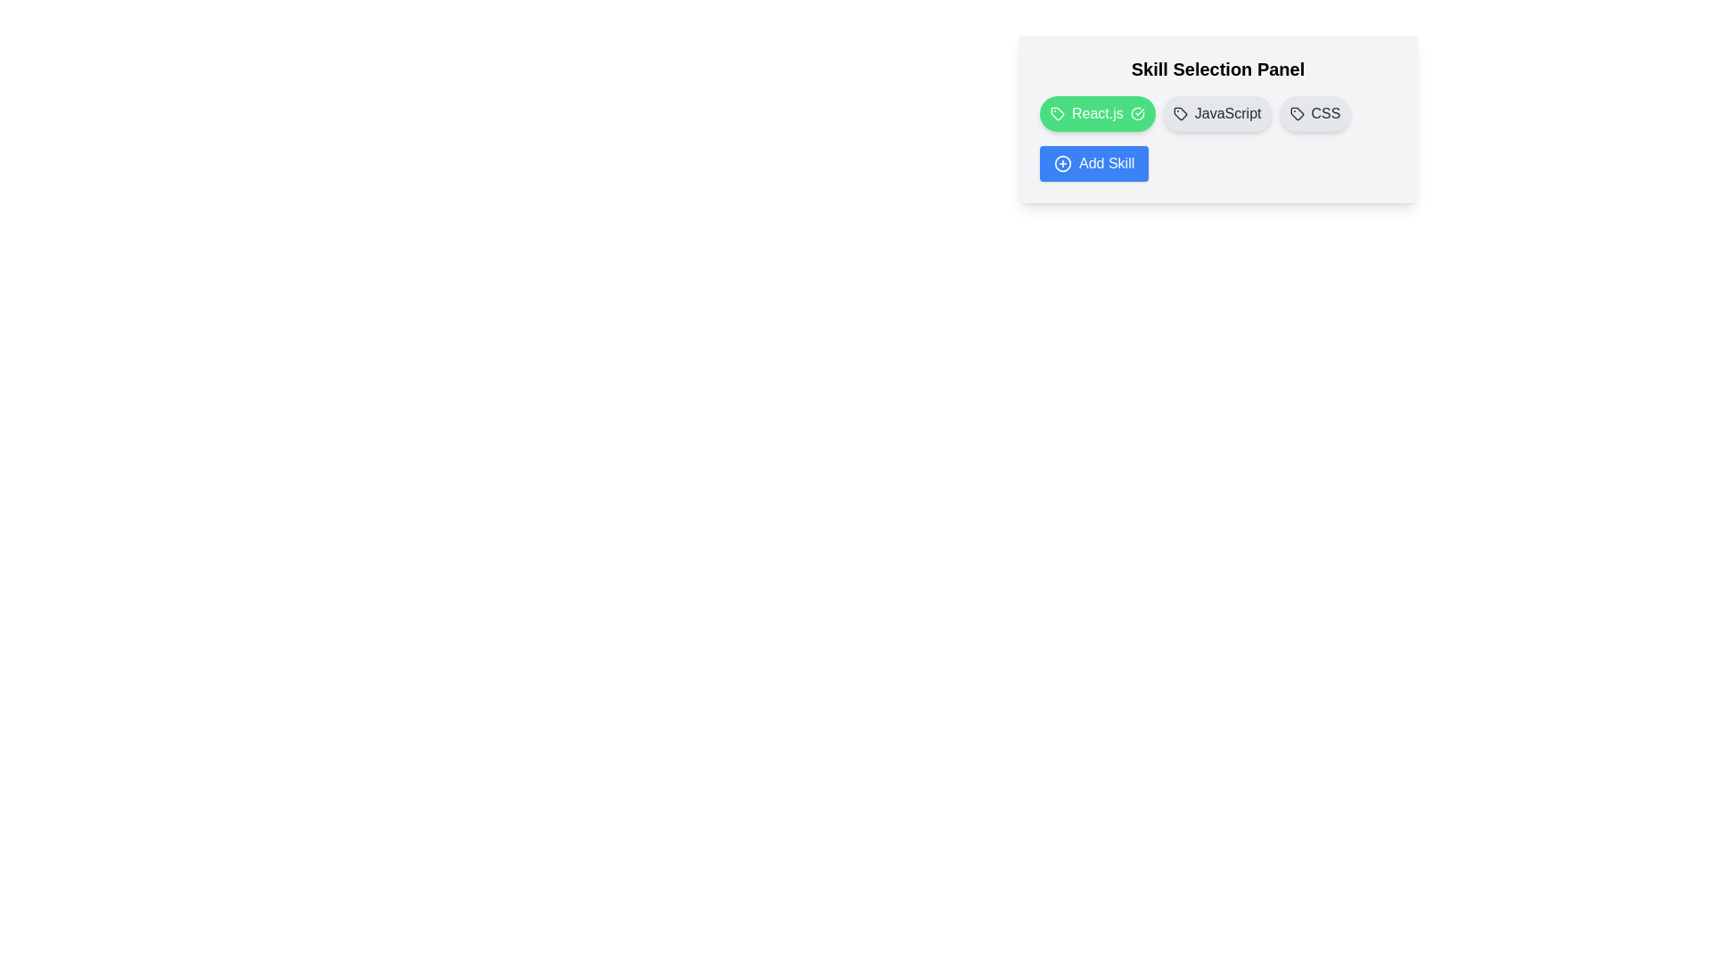 The width and height of the screenshot is (1711, 962). Describe the element at coordinates (1217, 119) in the screenshot. I see `the second selectable badge labeled 'JavaScript' in the 'Skill Selection Panel'` at that location.